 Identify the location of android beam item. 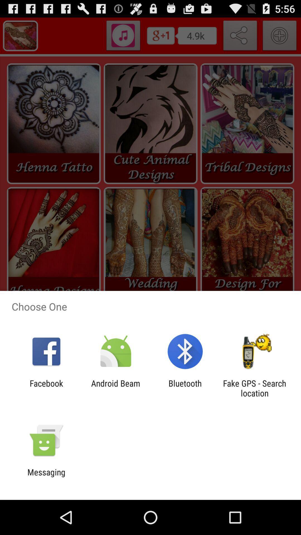
(115, 388).